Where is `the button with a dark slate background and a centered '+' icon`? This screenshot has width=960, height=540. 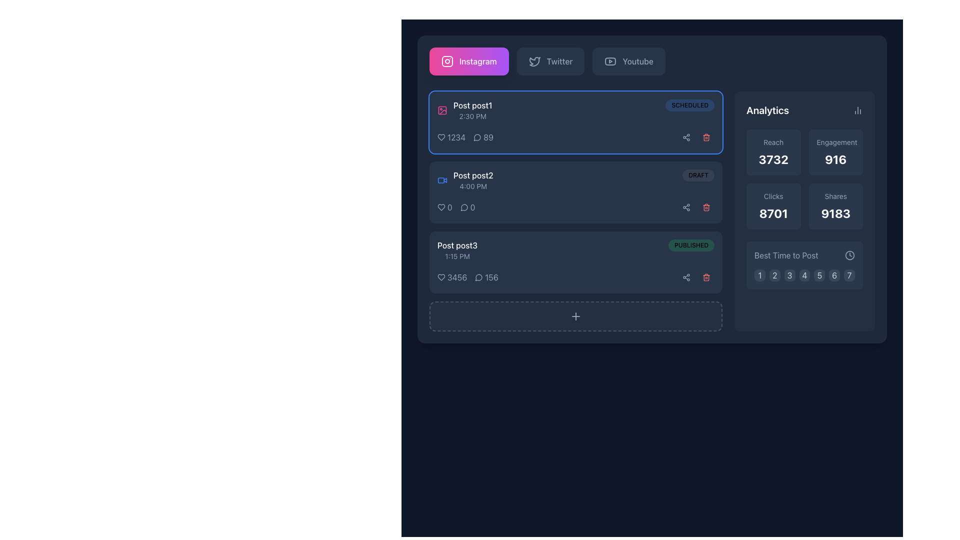 the button with a dark slate background and a centered '+' icon is located at coordinates (576, 316).